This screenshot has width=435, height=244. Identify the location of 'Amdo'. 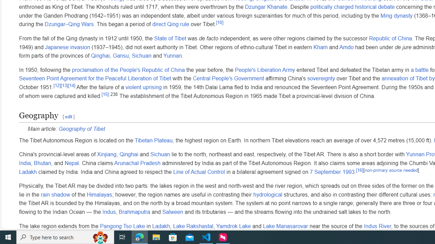
(346, 47).